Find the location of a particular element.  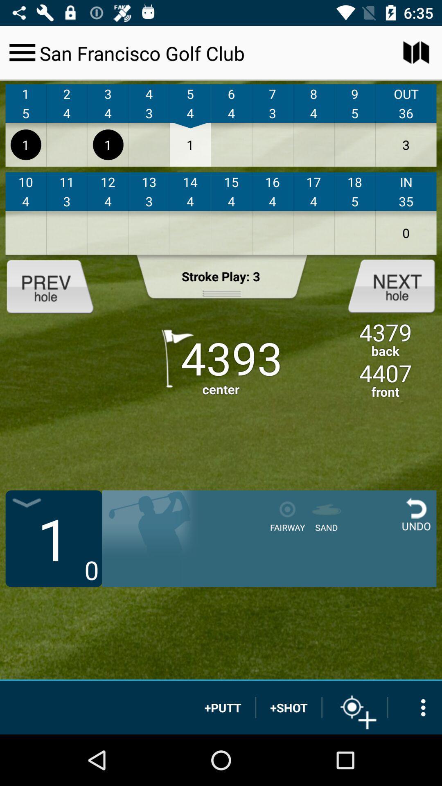

next is located at coordinates (385, 285).